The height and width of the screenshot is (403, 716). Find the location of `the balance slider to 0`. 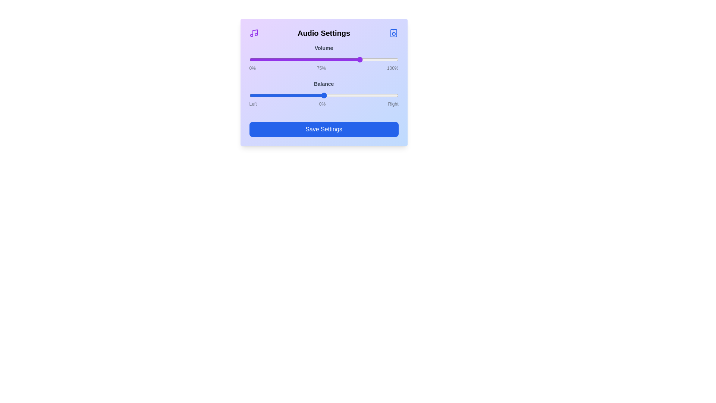

the balance slider to 0 is located at coordinates (324, 95).